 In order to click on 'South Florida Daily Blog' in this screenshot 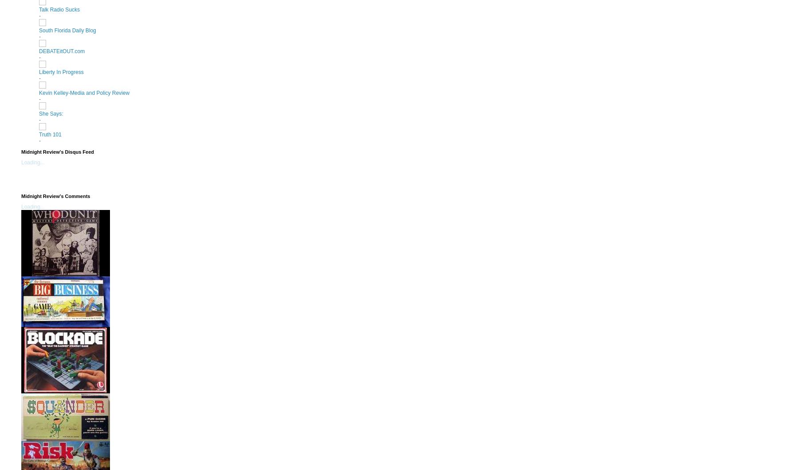, I will do `click(39, 30)`.